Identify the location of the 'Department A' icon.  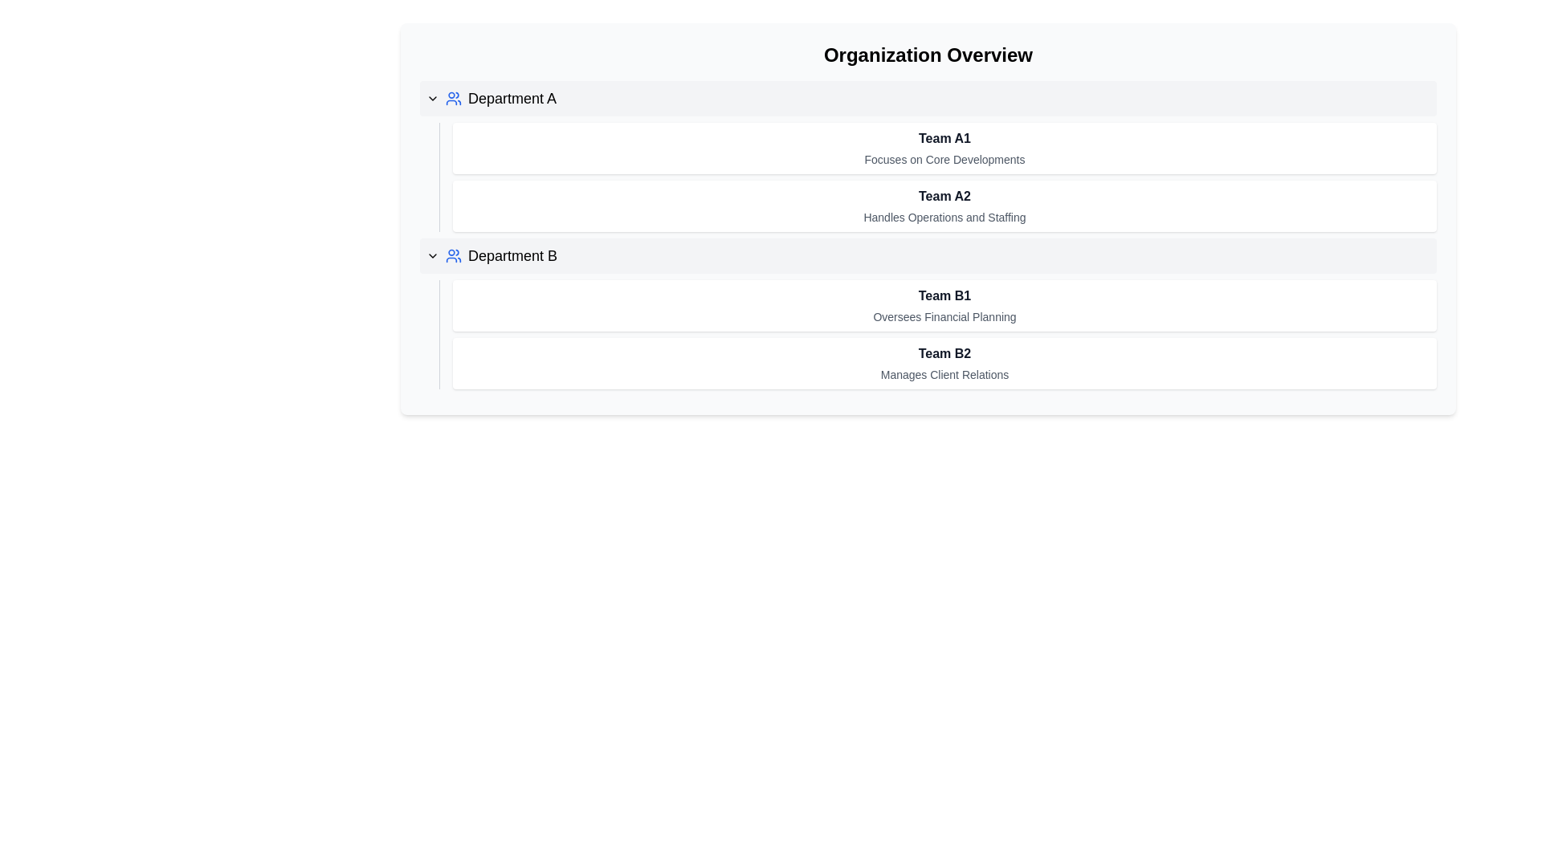
(453, 99).